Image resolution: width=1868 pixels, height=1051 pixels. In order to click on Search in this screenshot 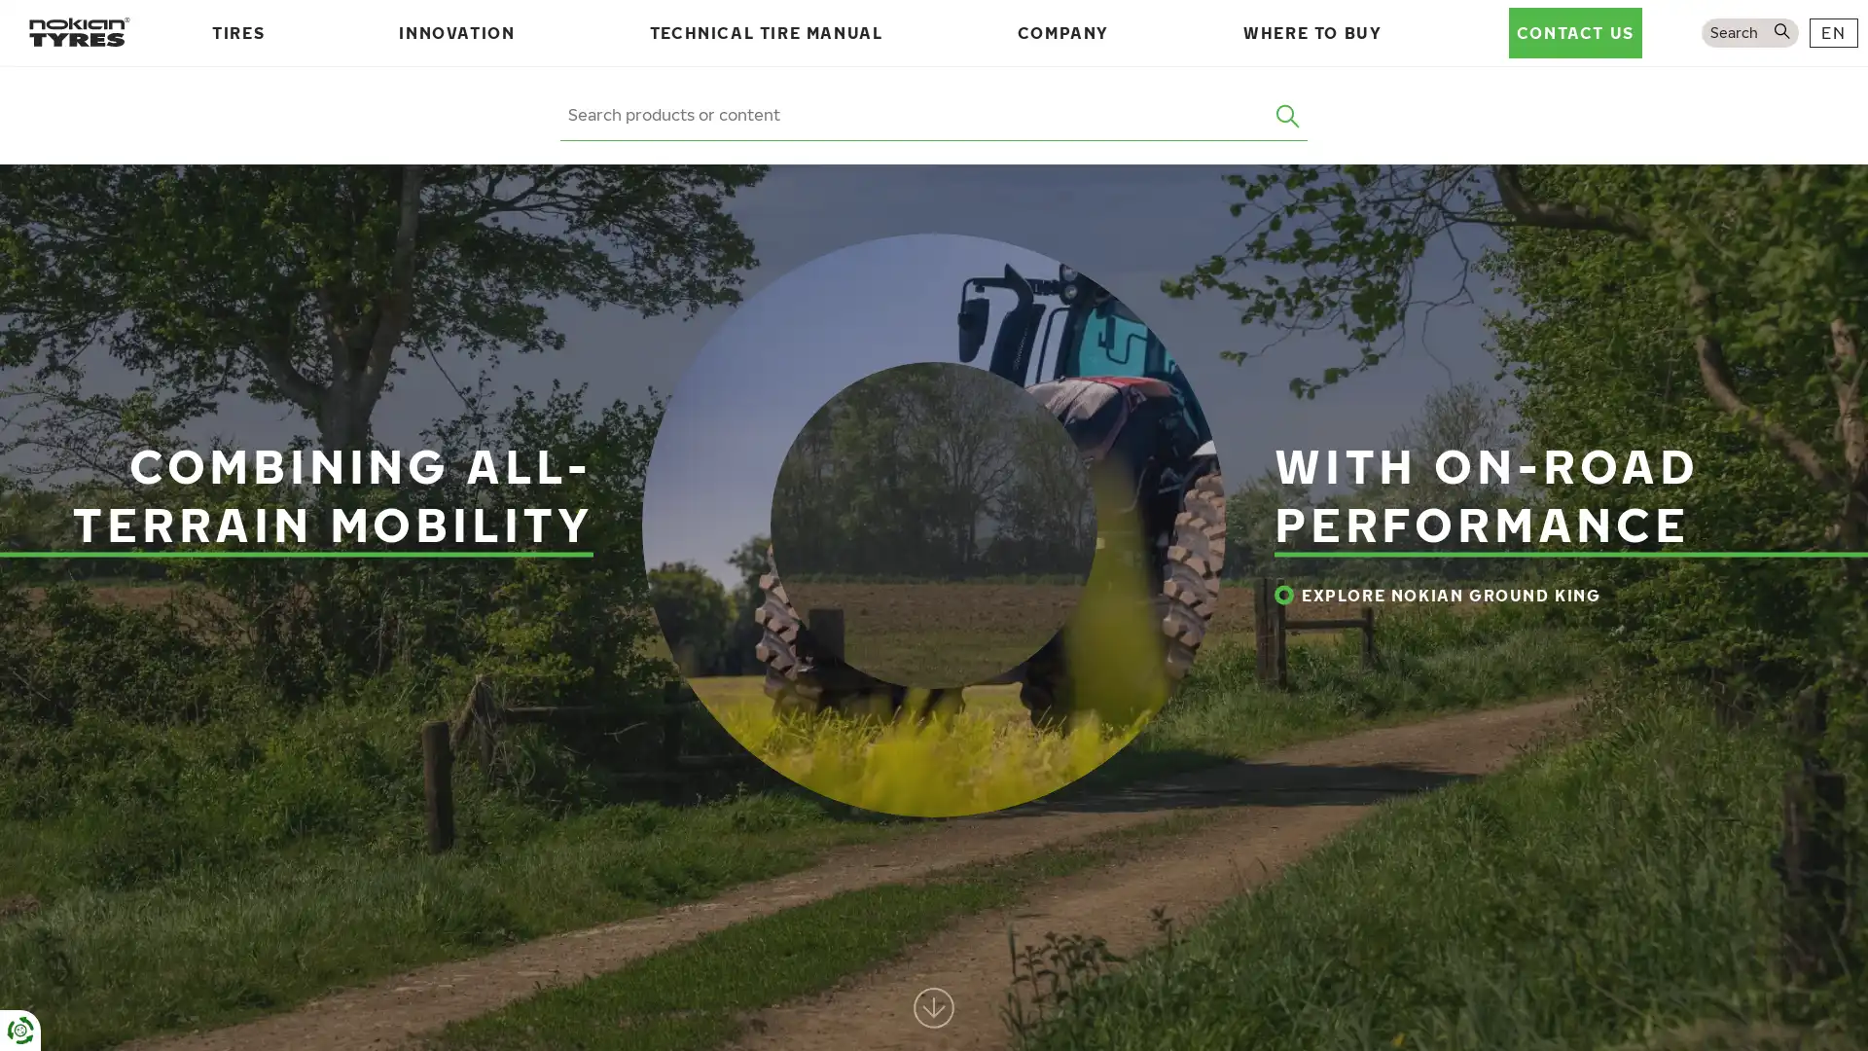, I will do `click(1288, 115)`.